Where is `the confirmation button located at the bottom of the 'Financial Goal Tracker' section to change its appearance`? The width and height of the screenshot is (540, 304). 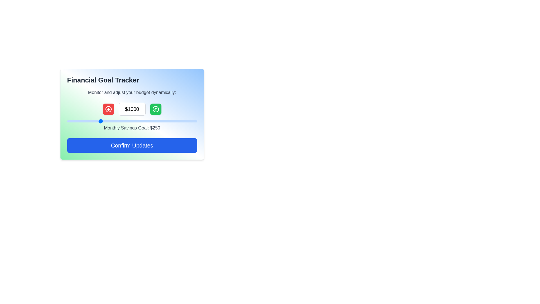 the confirmation button located at the bottom of the 'Financial Goal Tracker' section to change its appearance is located at coordinates (132, 145).